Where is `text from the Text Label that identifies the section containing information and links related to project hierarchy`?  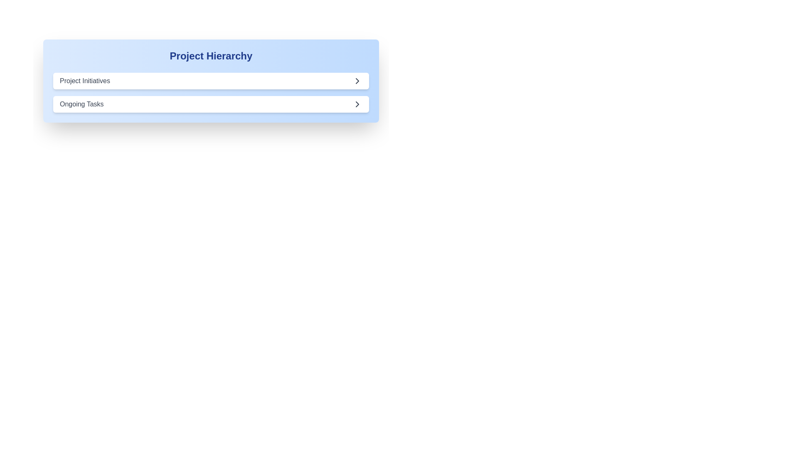 text from the Text Label that identifies the section containing information and links related to project hierarchy is located at coordinates (211, 56).